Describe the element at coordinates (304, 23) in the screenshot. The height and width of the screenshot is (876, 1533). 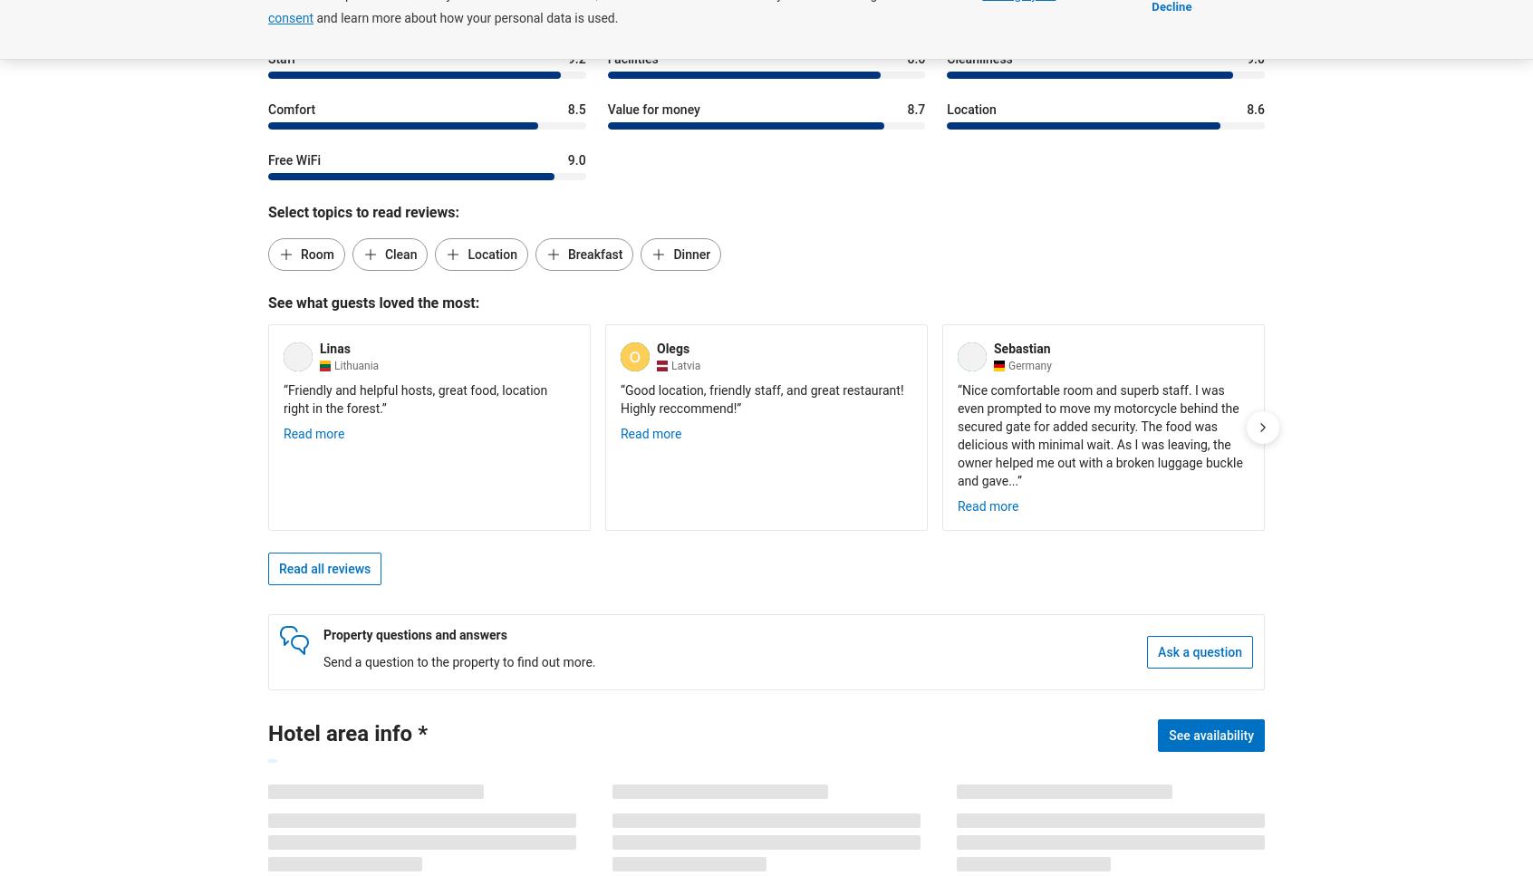
I see `'Categories:'` at that location.